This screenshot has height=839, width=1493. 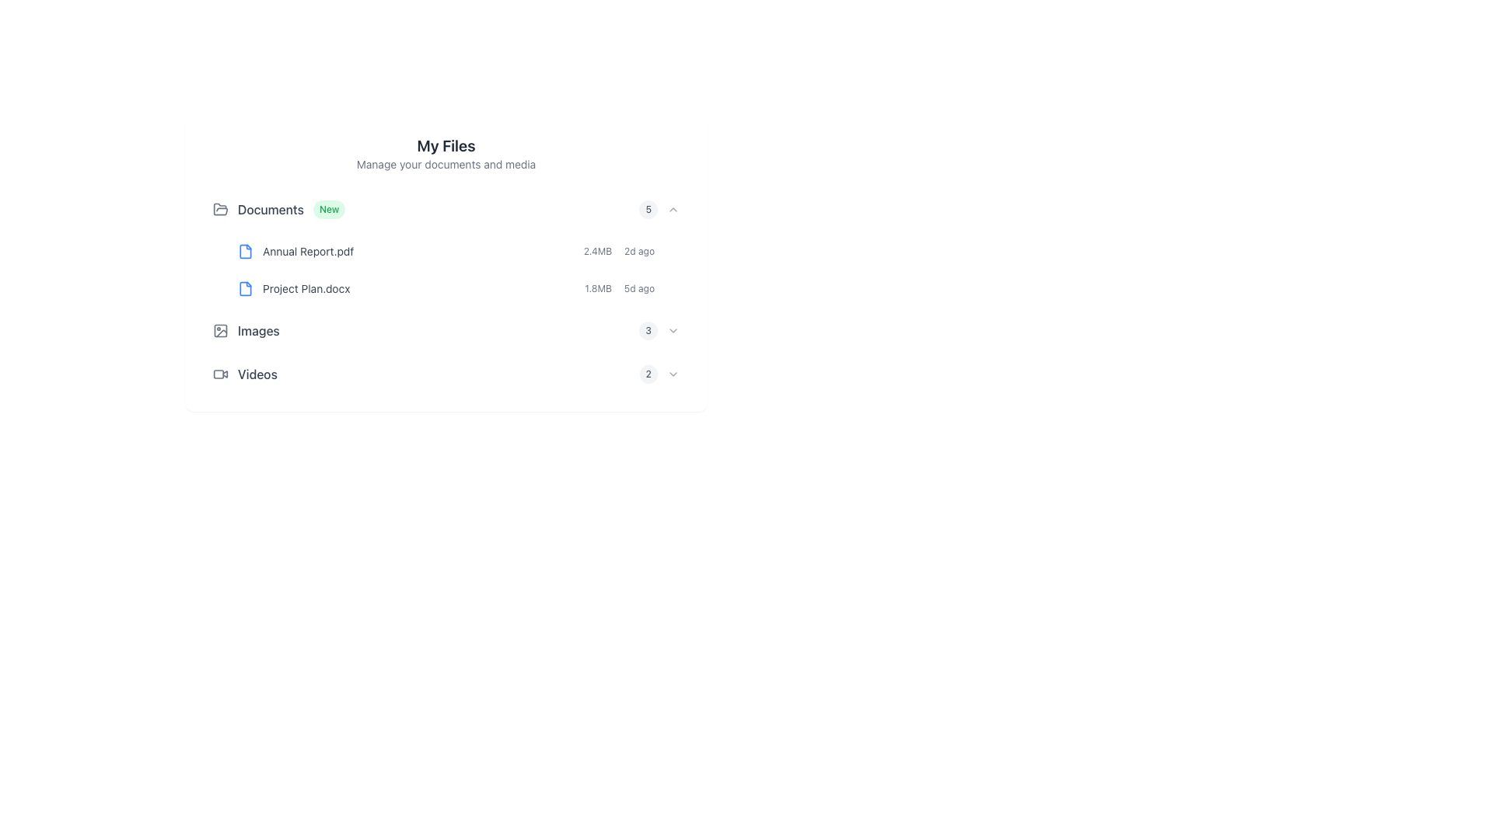 What do you see at coordinates (596, 251) in the screenshot?
I see `the text label indicating the file size of 'Annual Report.pdf', which is located to the right of the file name and slightly to the left of the '2d ago' text` at bounding box center [596, 251].